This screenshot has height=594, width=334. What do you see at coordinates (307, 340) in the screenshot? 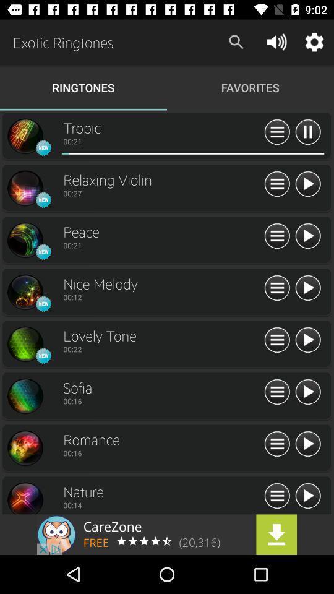
I see `the fifth row play button` at bounding box center [307, 340].